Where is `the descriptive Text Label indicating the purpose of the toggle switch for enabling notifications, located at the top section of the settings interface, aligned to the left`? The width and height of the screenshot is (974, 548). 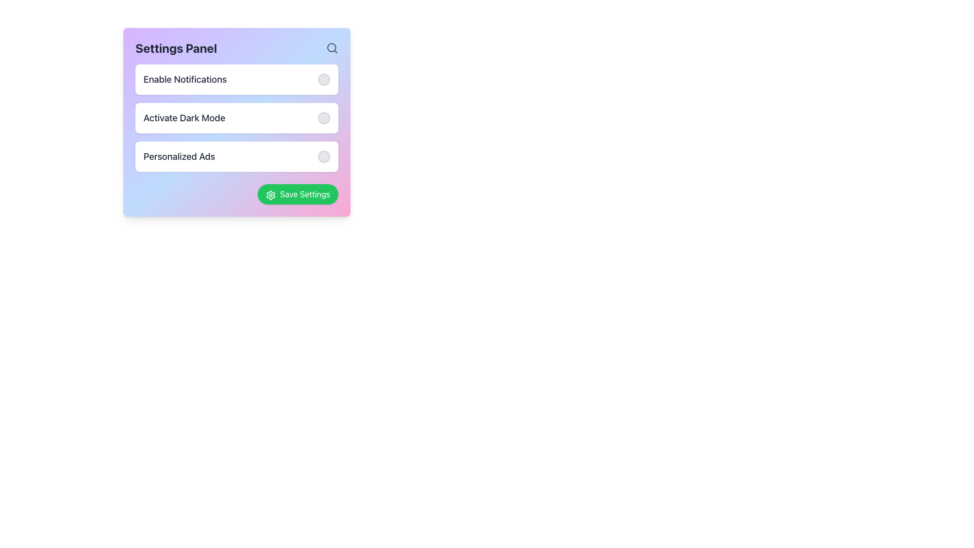 the descriptive Text Label indicating the purpose of the toggle switch for enabling notifications, located at the top section of the settings interface, aligned to the left is located at coordinates (185, 79).